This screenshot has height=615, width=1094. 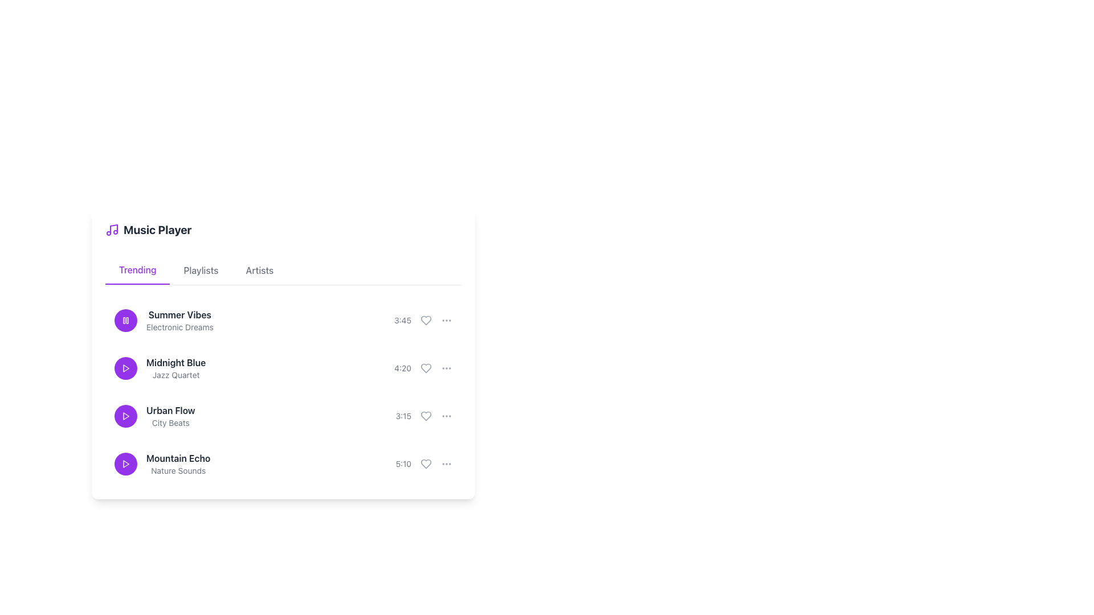 What do you see at coordinates (283, 321) in the screenshot?
I see `the list item titled 'Summer Vibes'` at bounding box center [283, 321].